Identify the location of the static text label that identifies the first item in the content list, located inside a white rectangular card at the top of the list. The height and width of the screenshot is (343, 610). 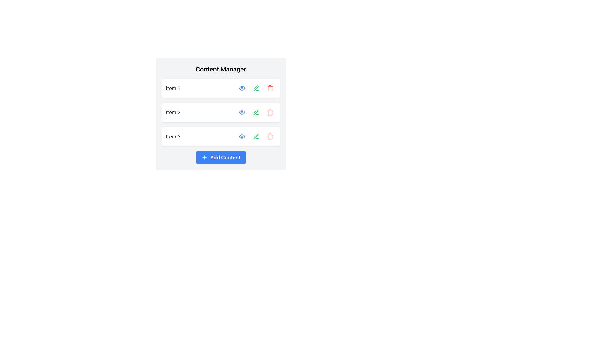
(173, 88).